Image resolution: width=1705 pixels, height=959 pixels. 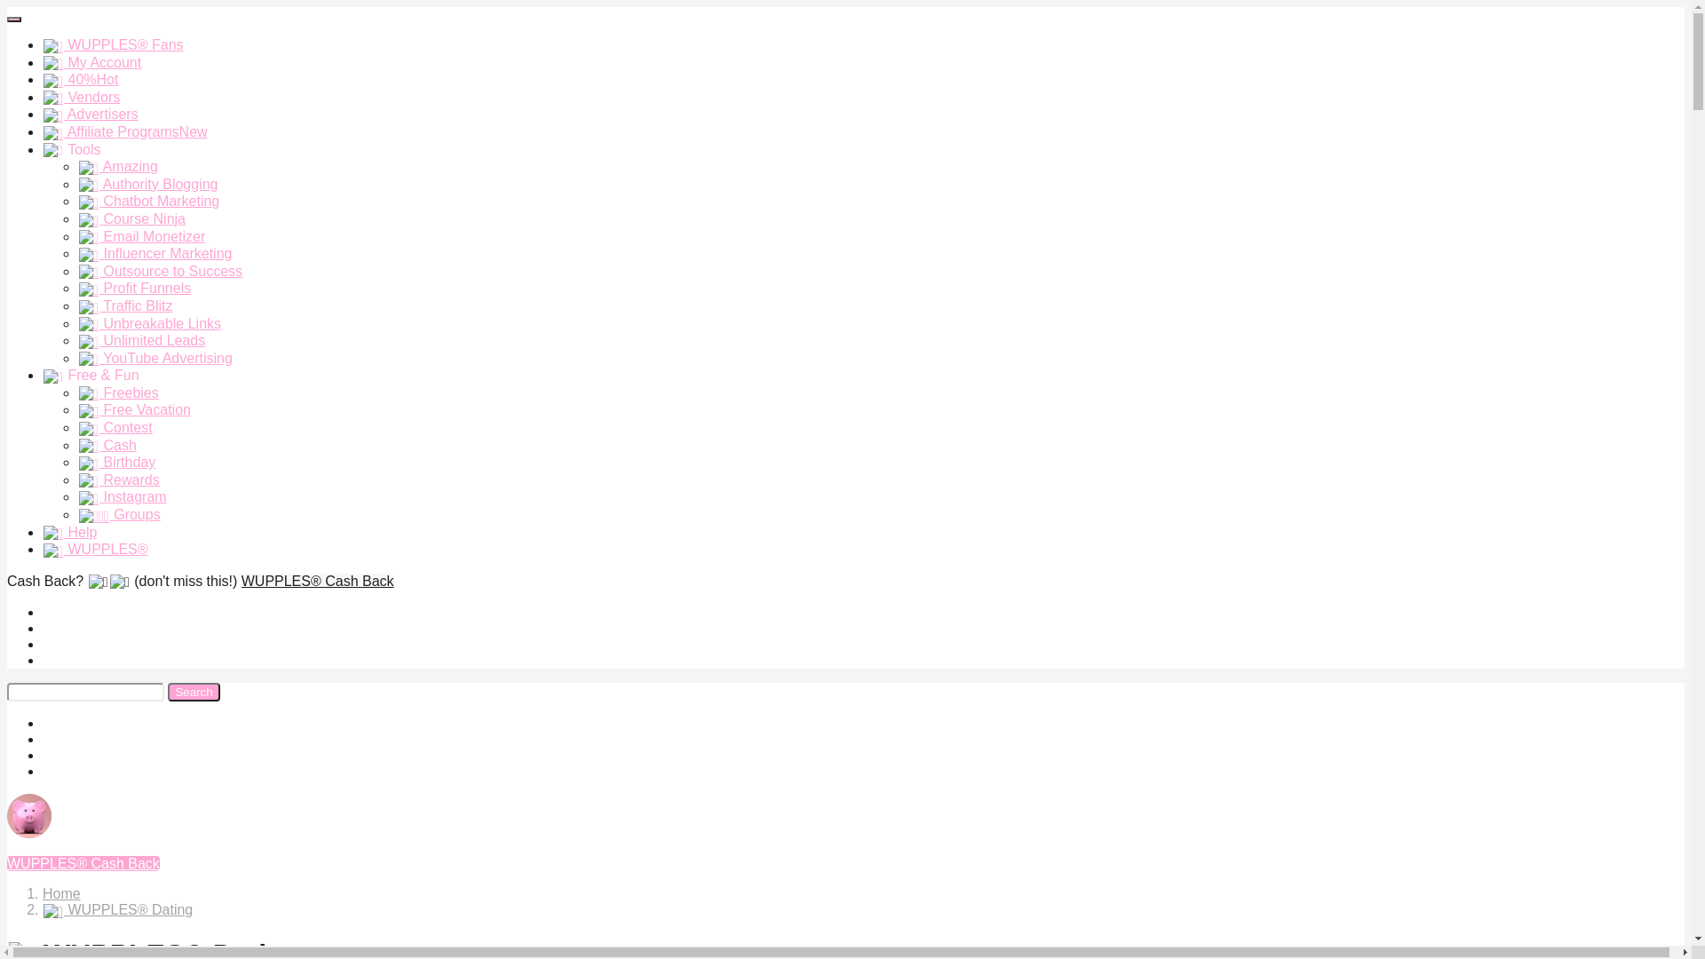 I want to click on 'Profit Funnels', so click(x=76, y=287).